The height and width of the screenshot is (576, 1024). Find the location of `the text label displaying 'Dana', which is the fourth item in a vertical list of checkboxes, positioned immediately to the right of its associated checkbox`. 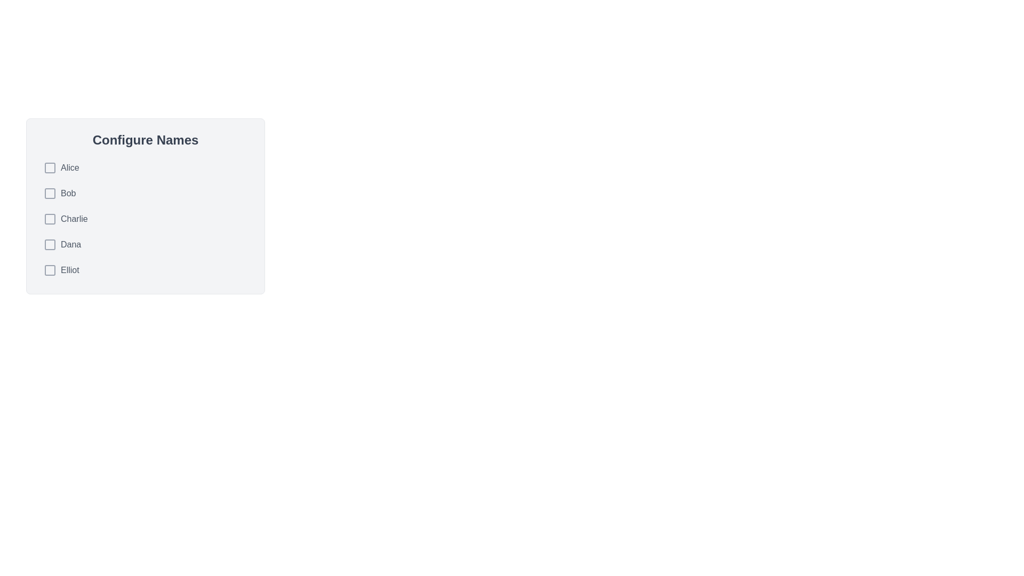

the text label displaying 'Dana', which is the fourth item in a vertical list of checkboxes, positioned immediately to the right of its associated checkbox is located at coordinates (70, 245).